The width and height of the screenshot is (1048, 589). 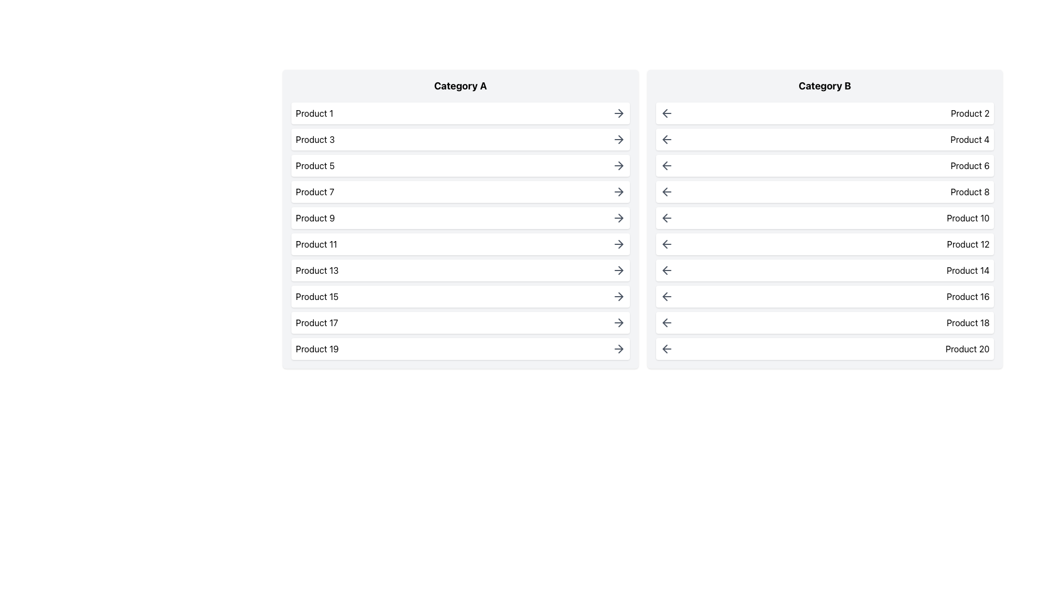 What do you see at coordinates (314, 166) in the screenshot?
I see `the text label indicating 'Product 5', located in the third position under 'Category A' in the vertical list` at bounding box center [314, 166].